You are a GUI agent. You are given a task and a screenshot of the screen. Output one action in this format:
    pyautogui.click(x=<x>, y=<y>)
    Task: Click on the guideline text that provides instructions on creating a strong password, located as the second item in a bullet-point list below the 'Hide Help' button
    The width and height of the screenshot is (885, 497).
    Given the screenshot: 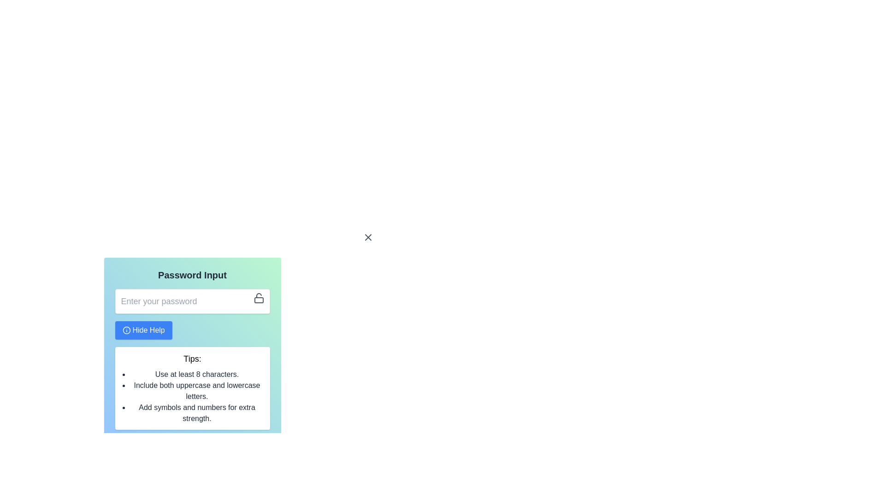 What is the action you would take?
    pyautogui.click(x=196, y=391)
    